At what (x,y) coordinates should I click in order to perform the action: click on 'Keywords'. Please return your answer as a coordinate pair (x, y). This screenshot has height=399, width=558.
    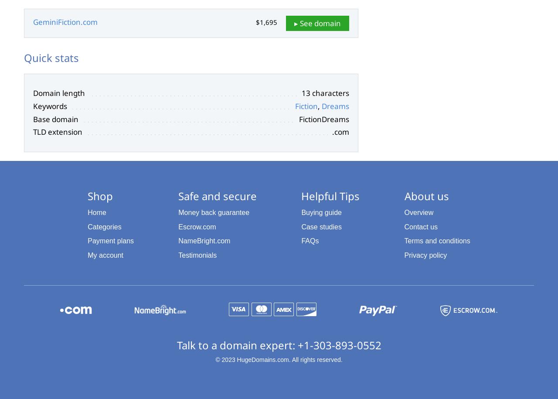
    Looking at the image, I should click on (33, 106).